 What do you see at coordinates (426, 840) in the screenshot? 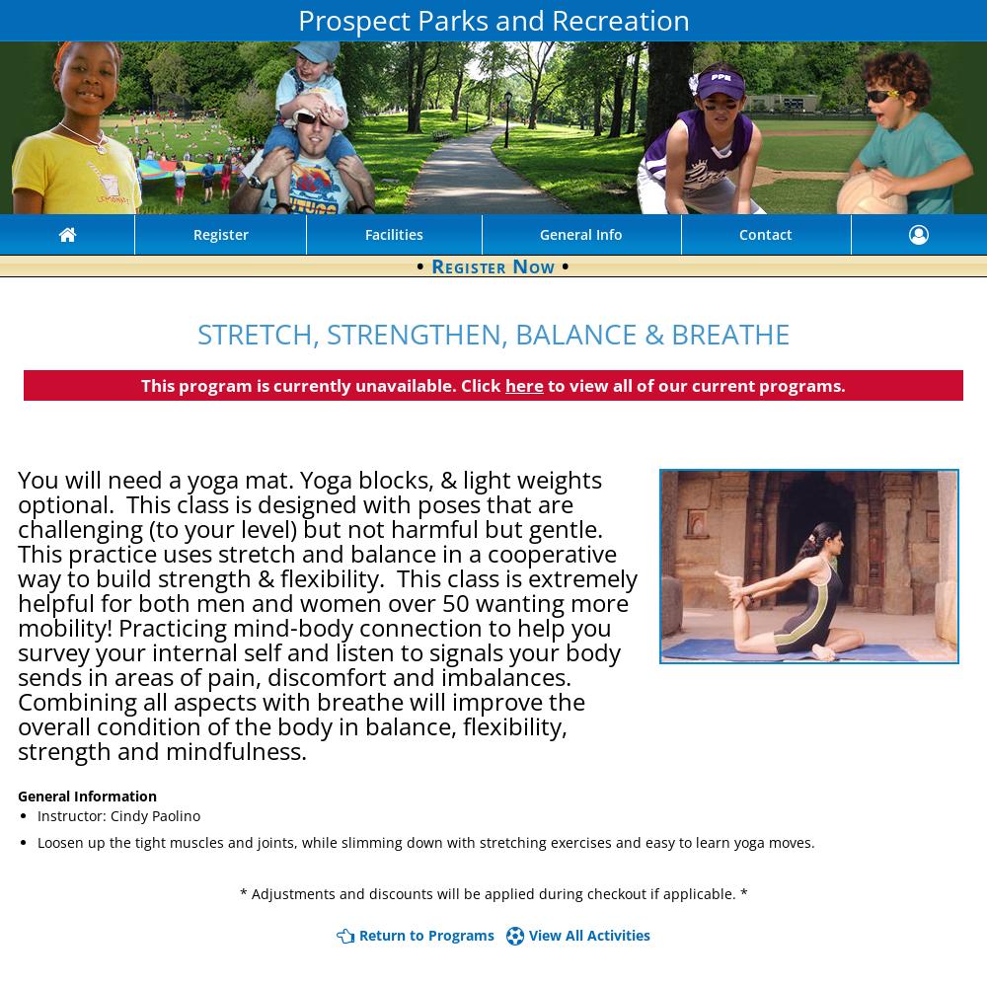
I see `'Loosen up the tight muscles and joints, while slimming down with stretching exercises and easy to learn yoga moves.'` at bounding box center [426, 840].